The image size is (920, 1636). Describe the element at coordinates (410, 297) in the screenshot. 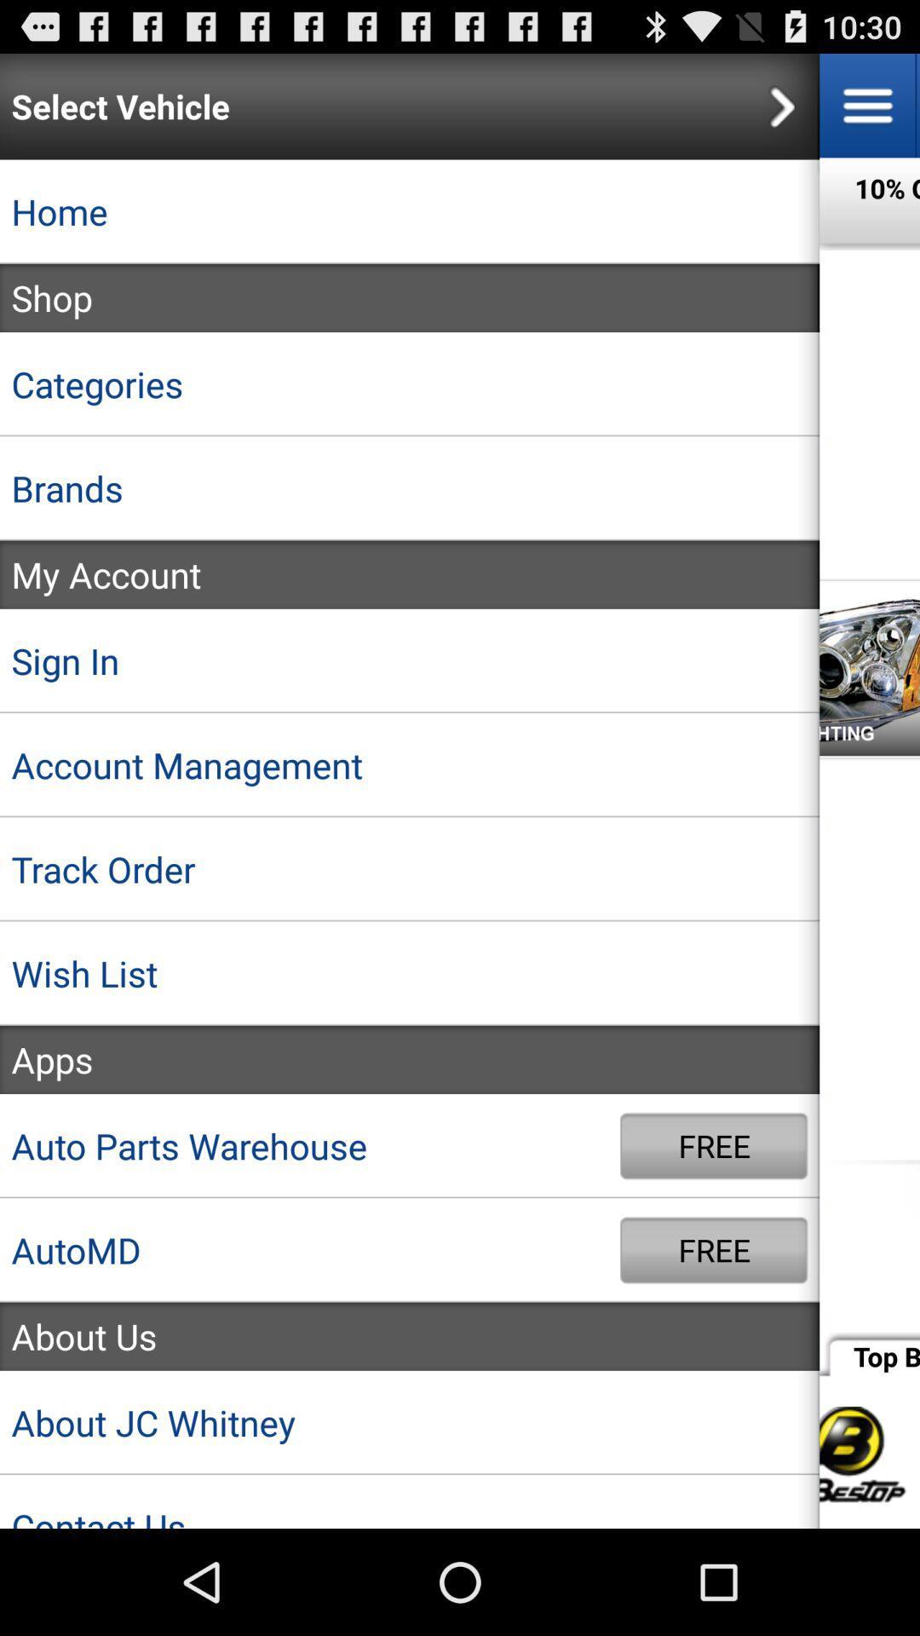

I see `the icon below home item` at that location.